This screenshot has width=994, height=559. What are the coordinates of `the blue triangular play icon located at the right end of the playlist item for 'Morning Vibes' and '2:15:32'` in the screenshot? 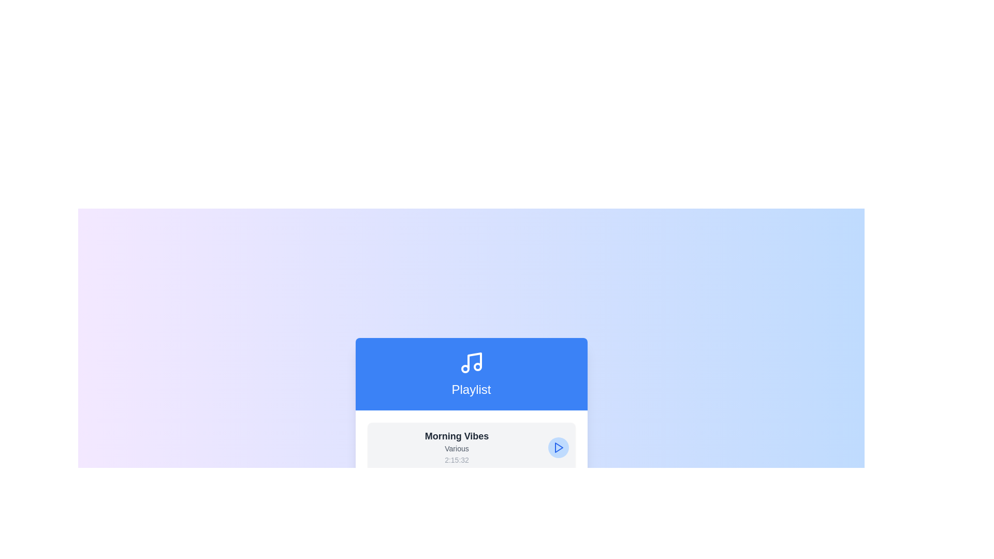 It's located at (558, 447).